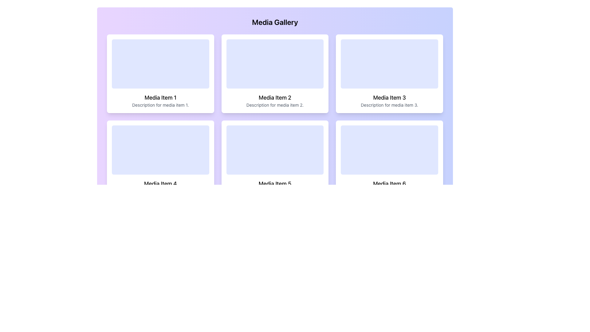 This screenshot has height=332, width=590. I want to click on text displayed in the gray colored label that states 'Description for media item 3.' located directly below the 'Media Item 3' title in the third card of the media gallery, so click(389, 105).